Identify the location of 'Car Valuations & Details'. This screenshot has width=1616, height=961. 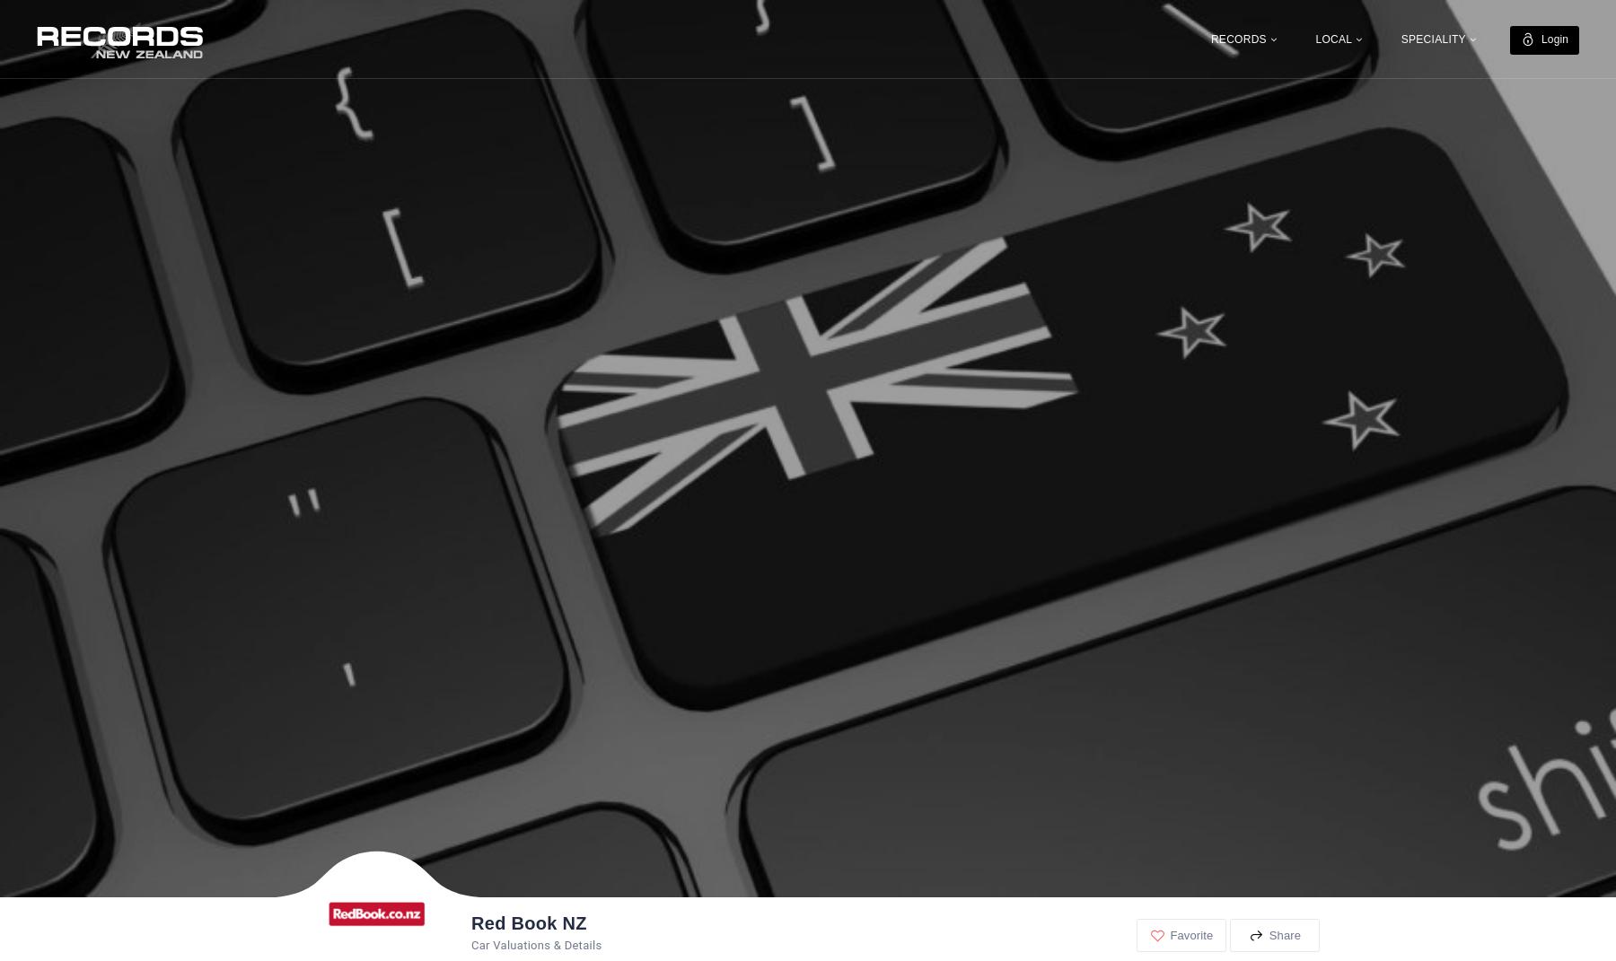
(536, 944).